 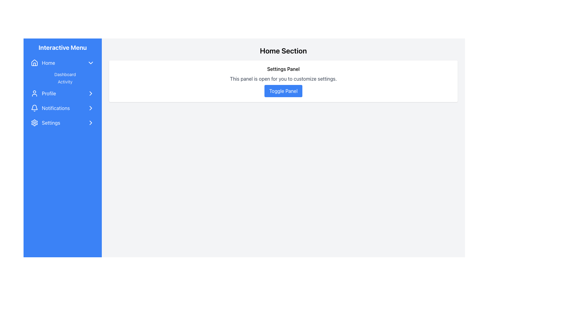 I want to click on the right arrow icon next to the 'Notifications' label, so click(x=90, y=108).